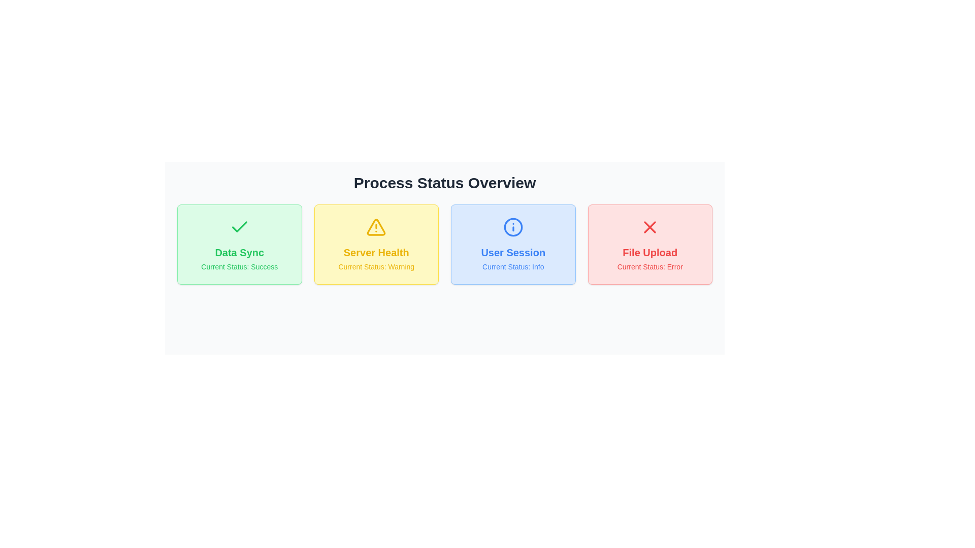 The width and height of the screenshot is (975, 548). I want to click on the text label displaying the current operational status of the server, which is located at the bottom of the 'Server Health' card component, so click(376, 266).